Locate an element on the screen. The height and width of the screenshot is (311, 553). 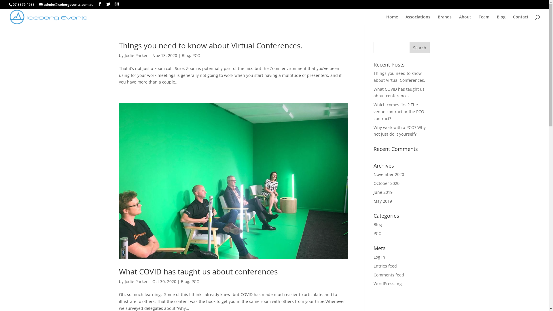
'Jodie Parker' is located at coordinates (135, 55).